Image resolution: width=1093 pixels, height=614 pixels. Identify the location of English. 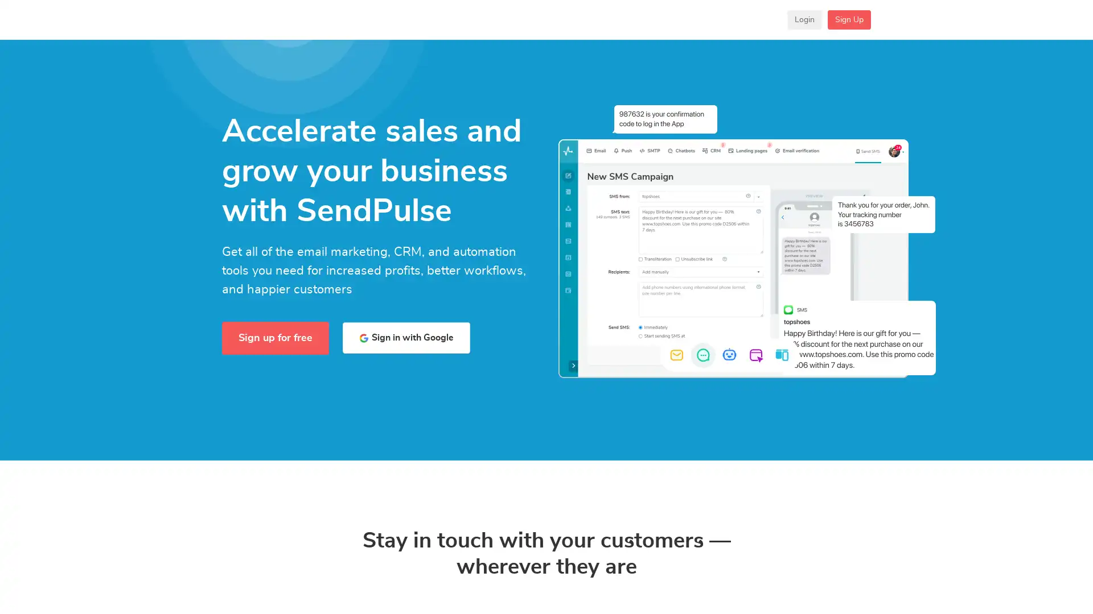
(751, 27).